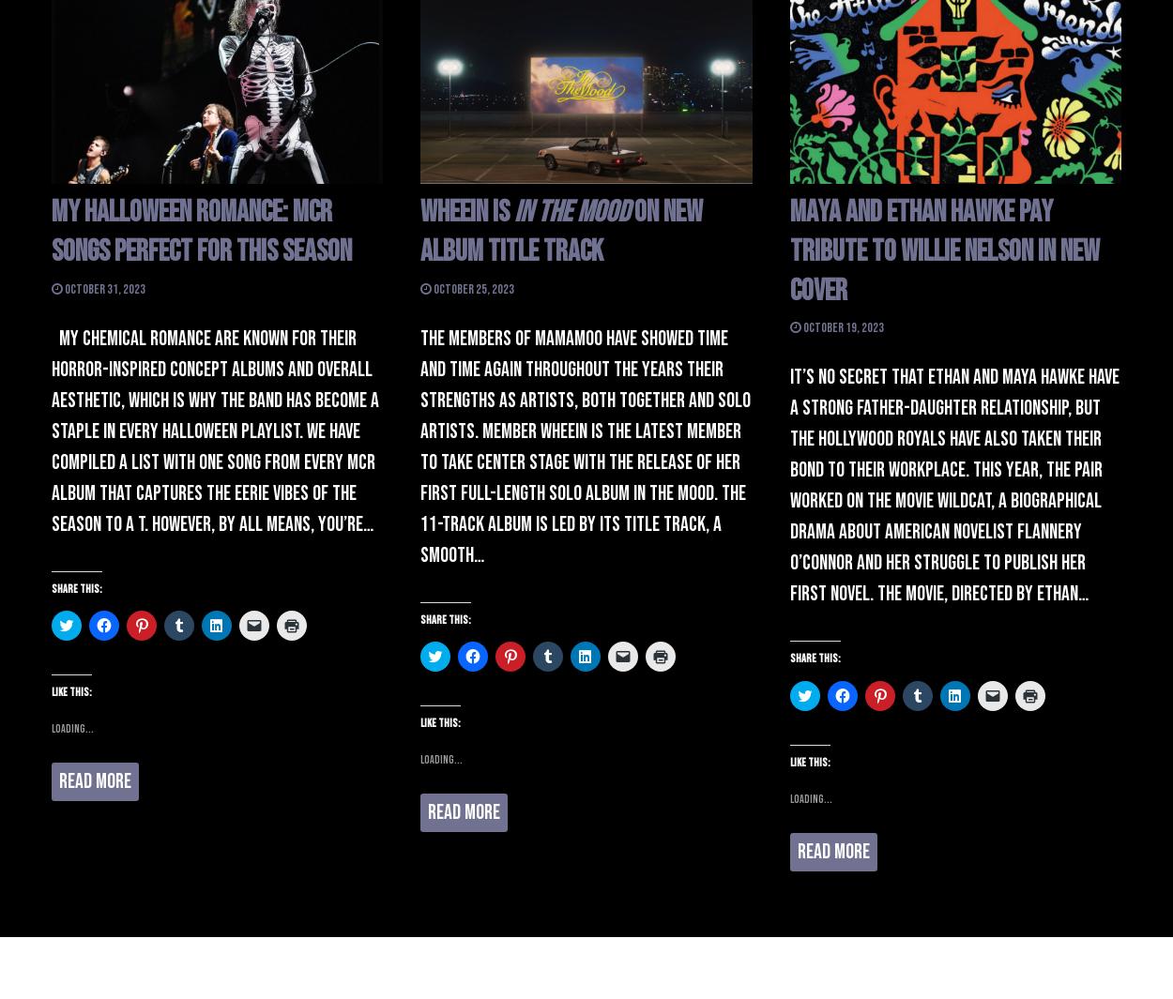  I want to click on 'October 19, 2023', so click(842, 326).